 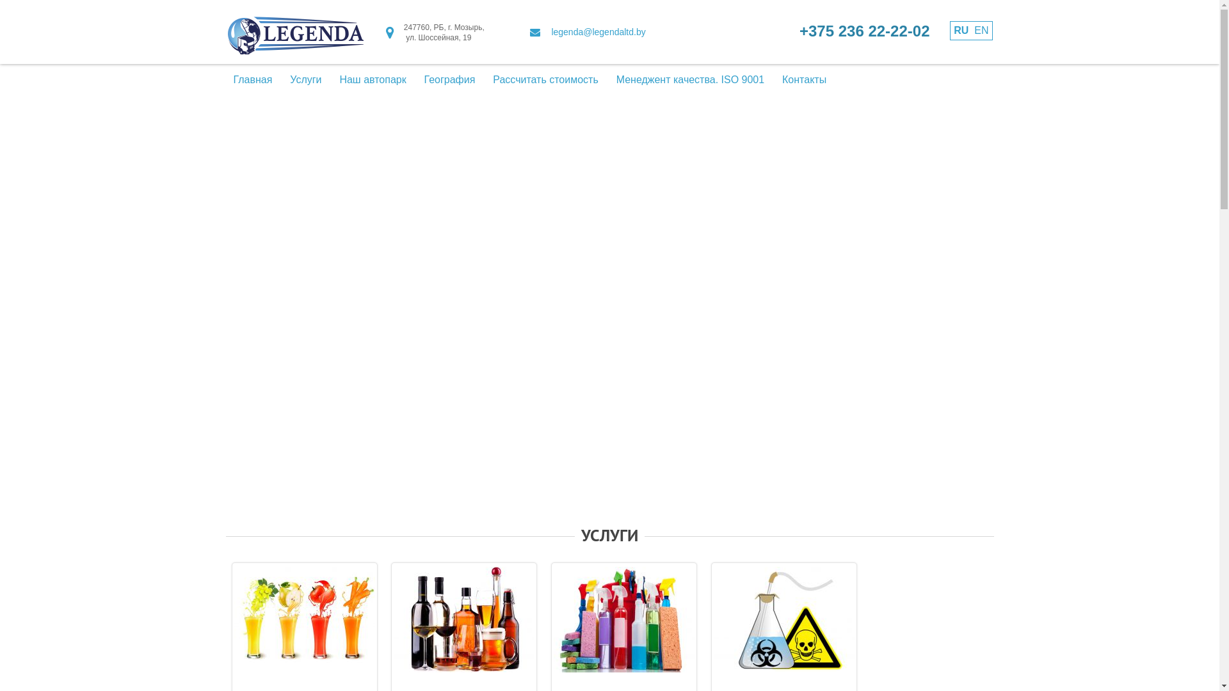 I want to click on 'legenda@legendaltd.by', so click(x=550, y=31).